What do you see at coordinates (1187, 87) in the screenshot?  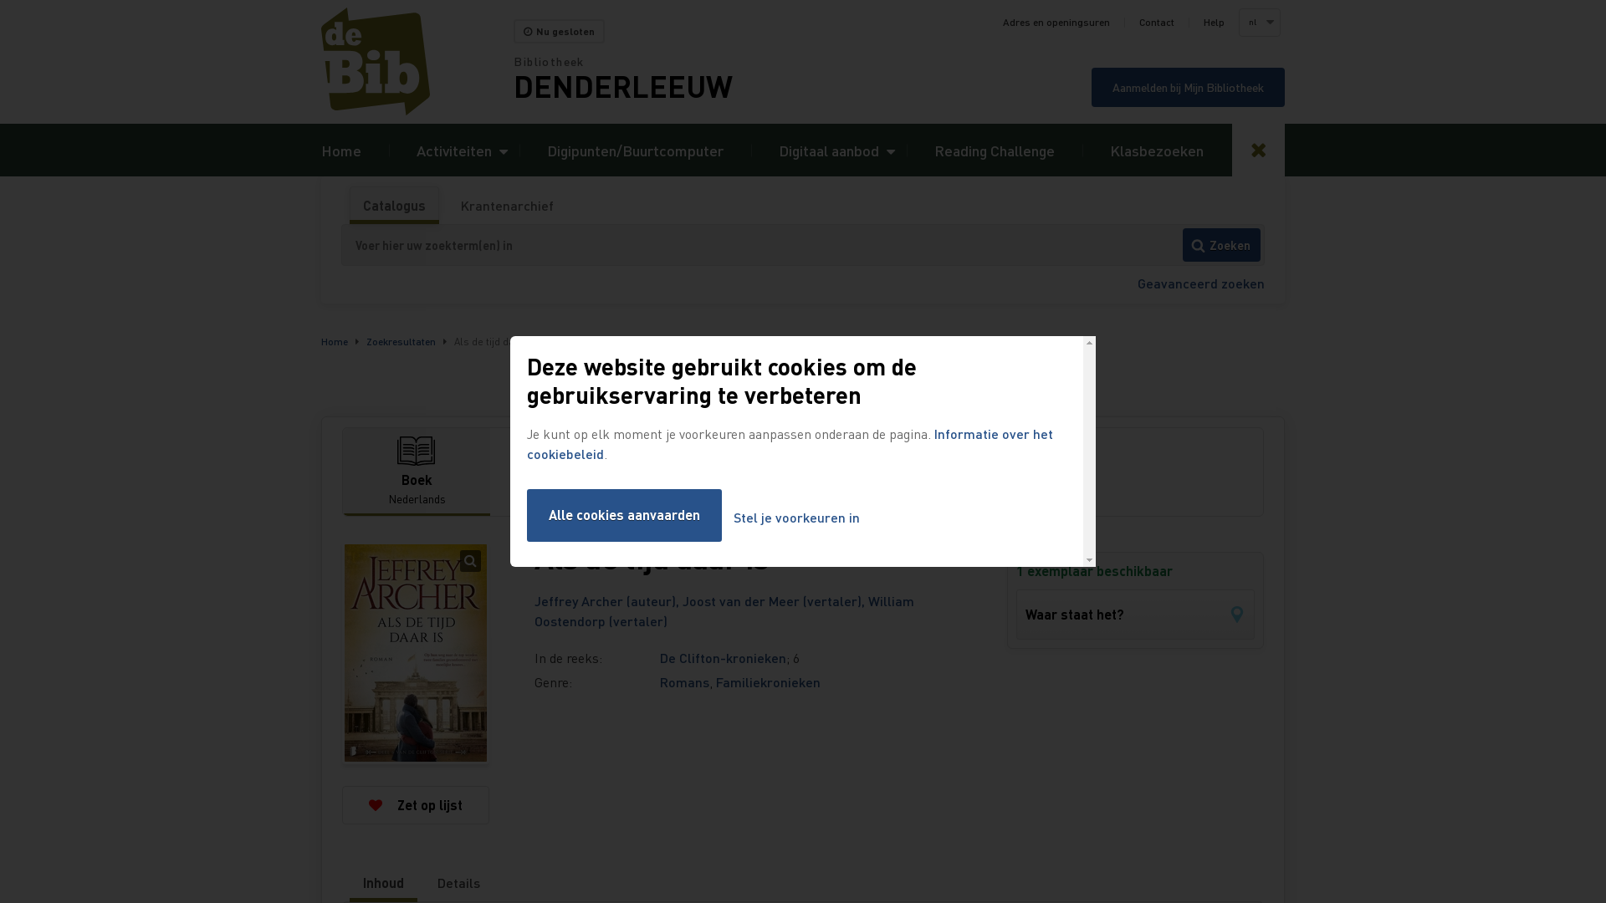 I see `'Aanmelden bij Mijn Bibliotheek'` at bounding box center [1187, 87].